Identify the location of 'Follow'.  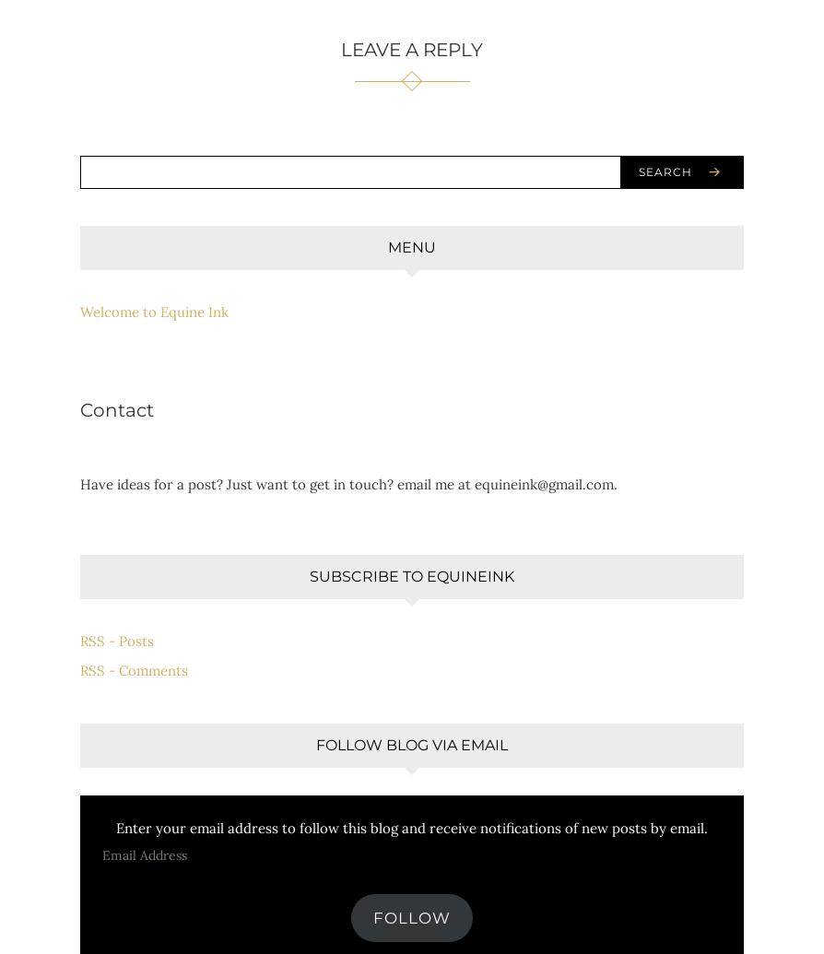
(412, 916).